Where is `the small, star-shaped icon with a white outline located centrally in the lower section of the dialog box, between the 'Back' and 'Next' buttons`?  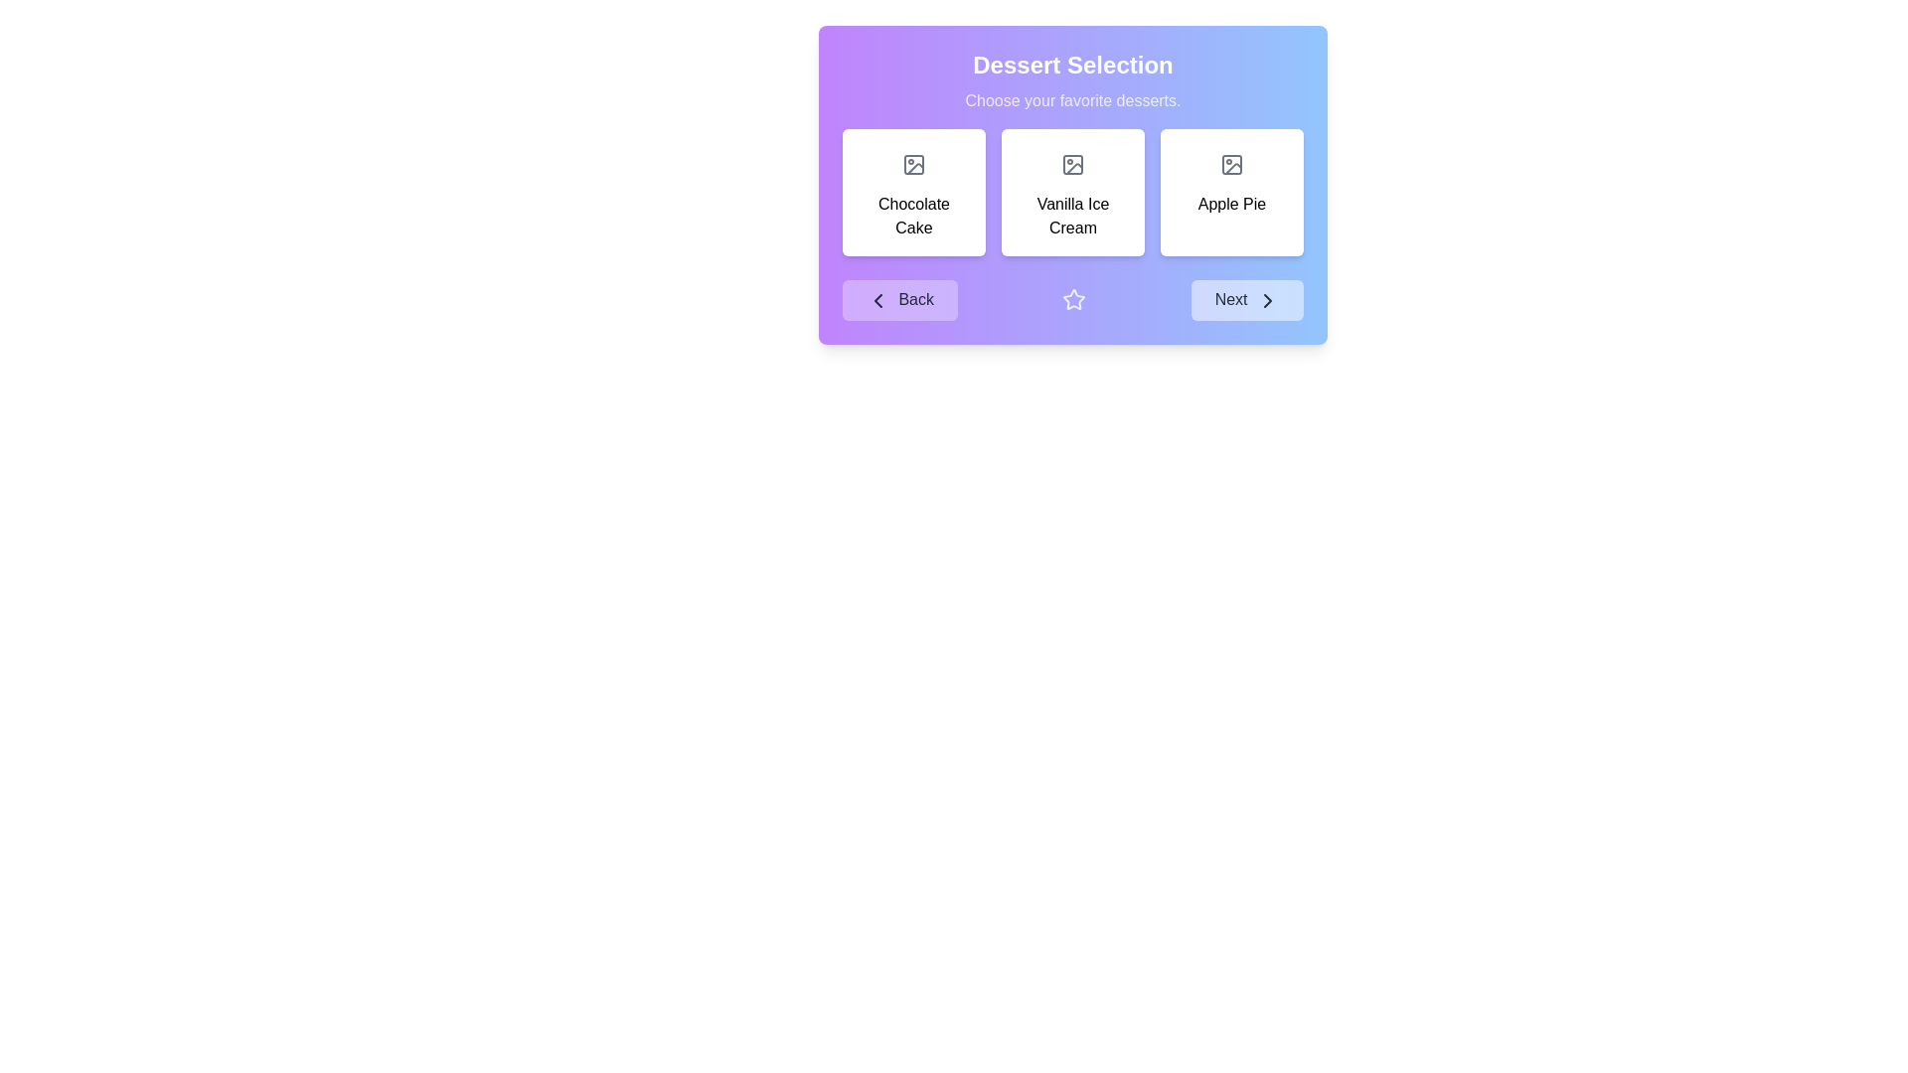 the small, star-shaped icon with a white outline located centrally in the lower section of the dialog box, between the 'Back' and 'Next' buttons is located at coordinates (1073, 299).